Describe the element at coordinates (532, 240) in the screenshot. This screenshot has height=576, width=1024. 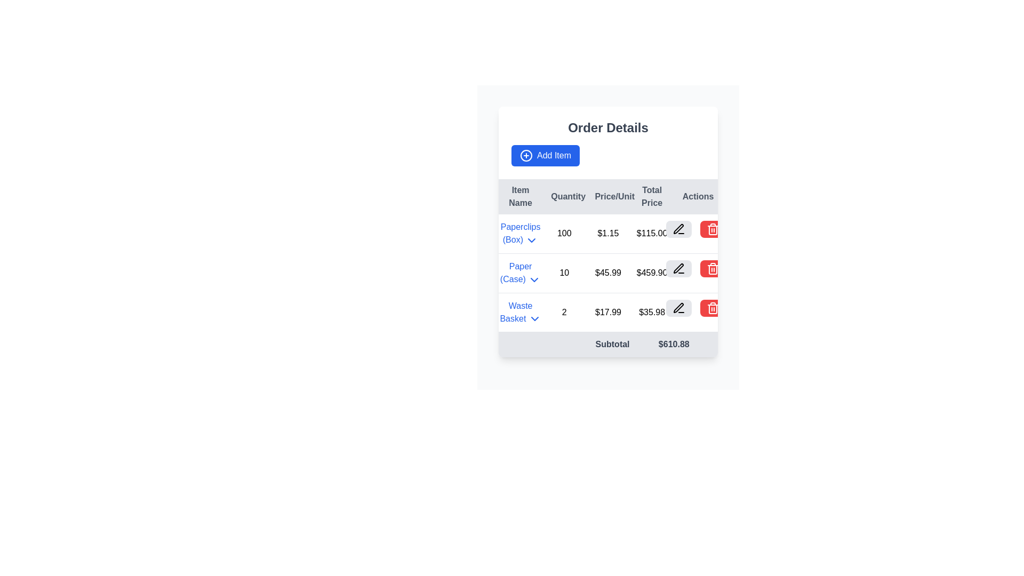
I see `the dropdown indicator icon located to the right of the 'Paperclips (Box)' text in the first row of the 'Order Details' interface` at that location.